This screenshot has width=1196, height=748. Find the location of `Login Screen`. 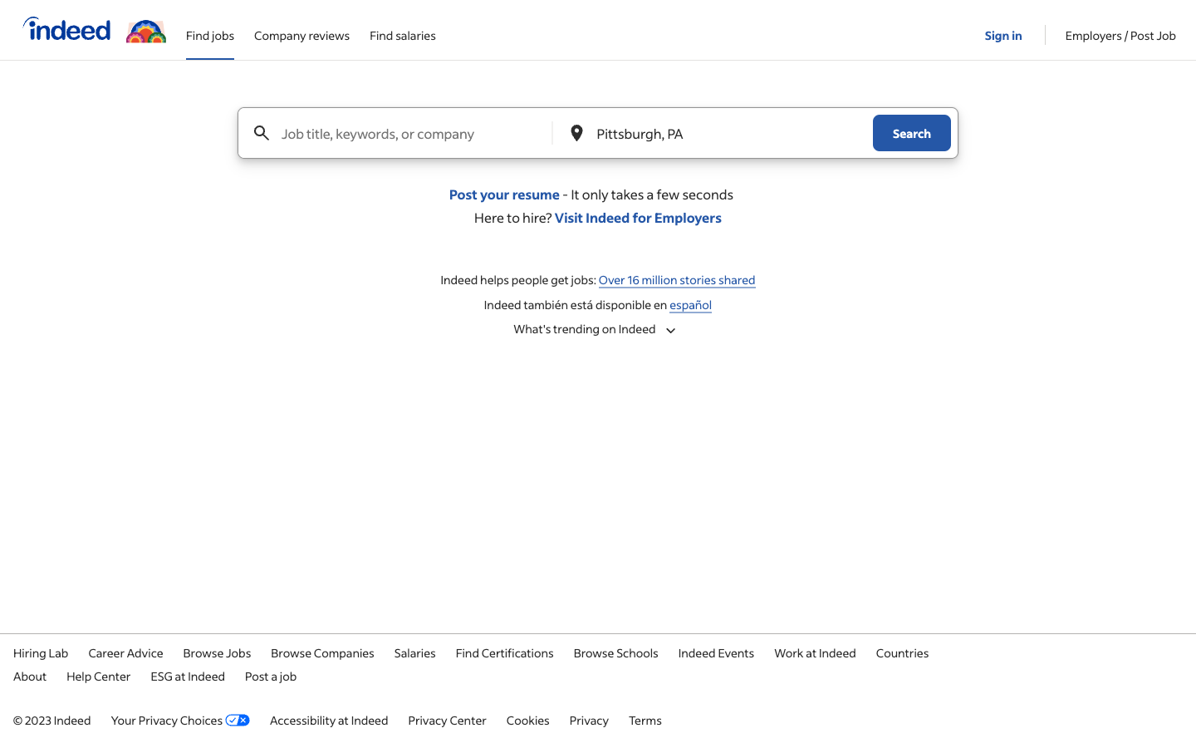

Login Screen is located at coordinates (1004, 28).